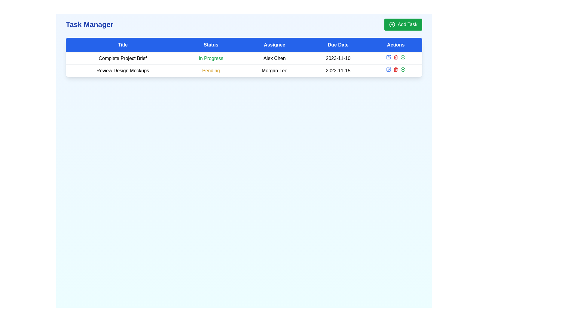  What do you see at coordinates (396, 57) in the screenshot?
I see `the delete button located in the second row of the table for the task titled 'Review Design Mockups'` at bounding box center [396, 57].